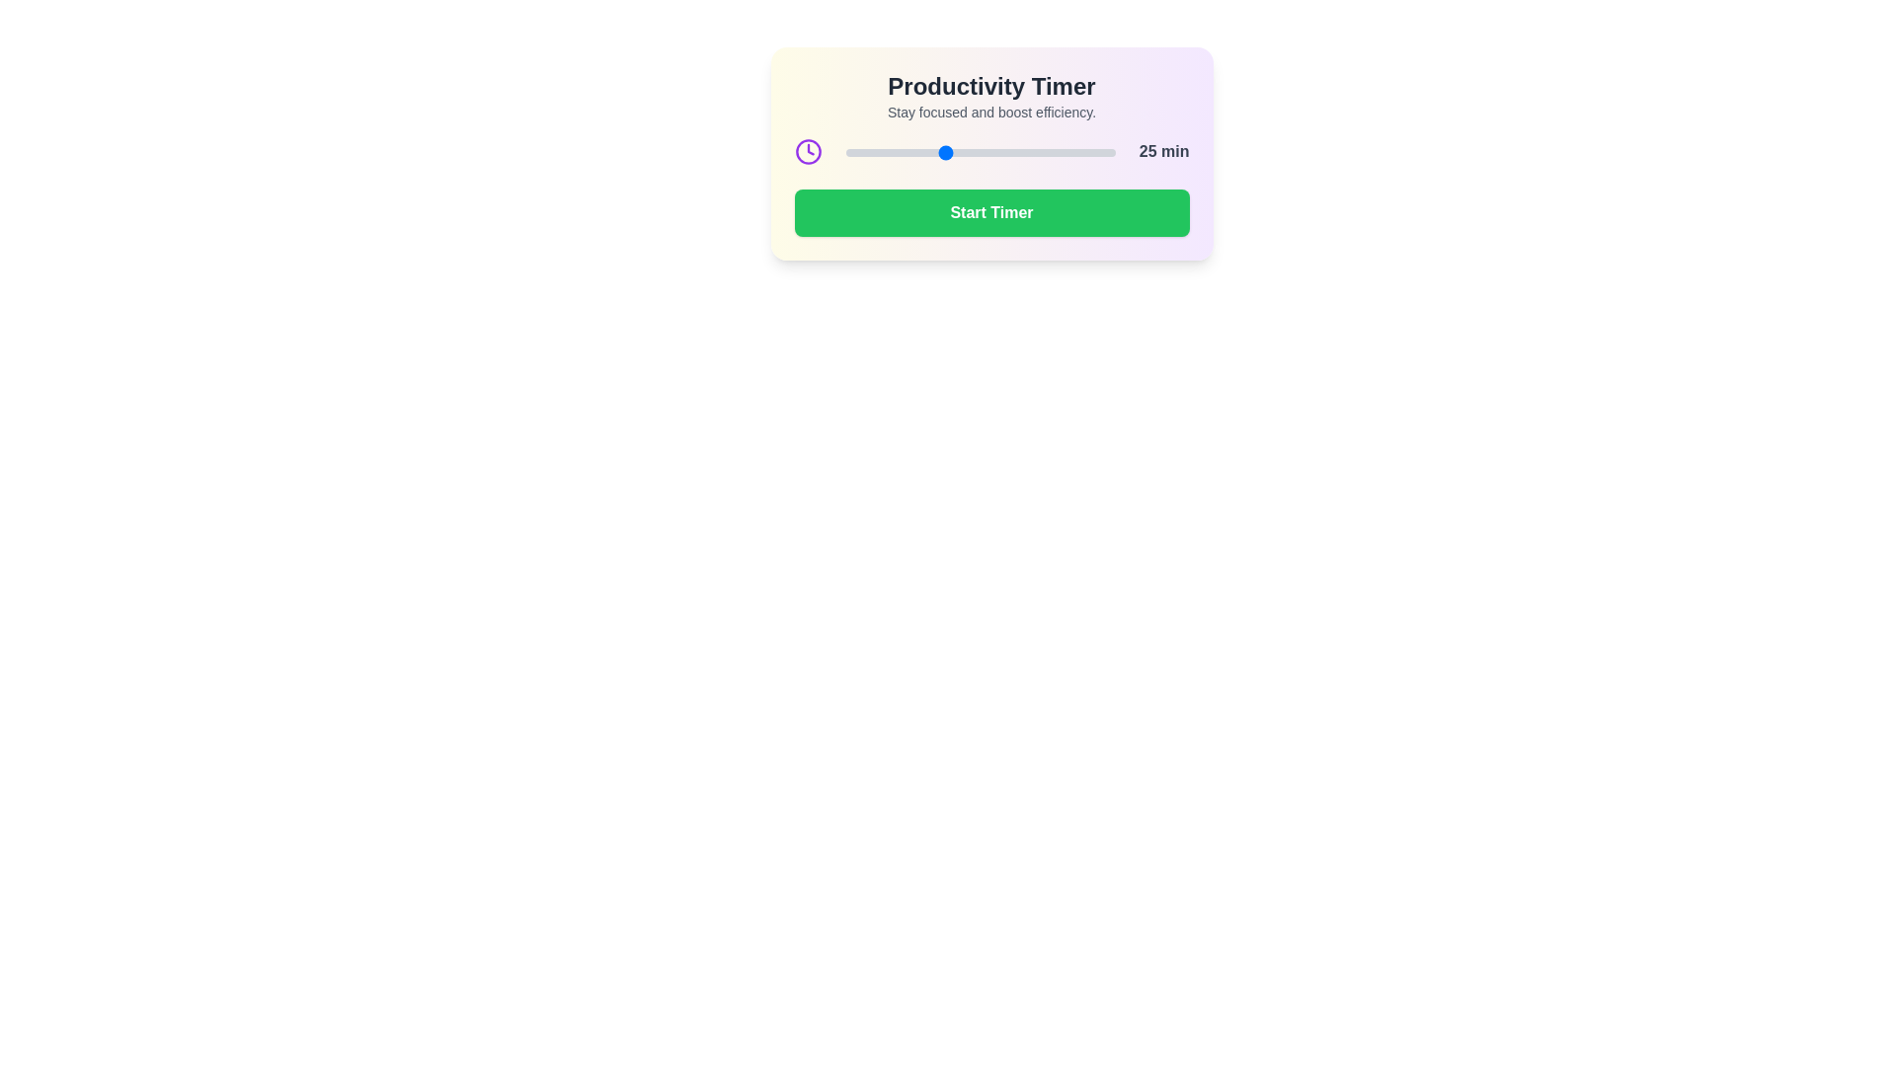  Describe the element at coordinates (991, 213) in the screenshot. I see `'Start Timer' button to toggle the timer state` at that location.